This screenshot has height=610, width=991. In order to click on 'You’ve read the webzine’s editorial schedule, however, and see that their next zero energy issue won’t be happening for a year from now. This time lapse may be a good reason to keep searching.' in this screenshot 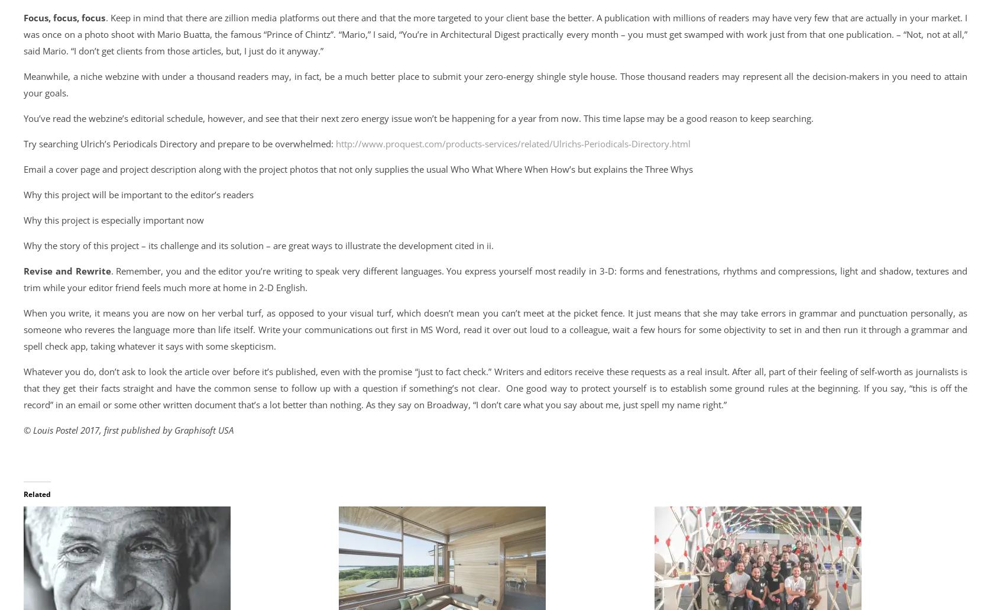, I will do `click(417, 118)`.